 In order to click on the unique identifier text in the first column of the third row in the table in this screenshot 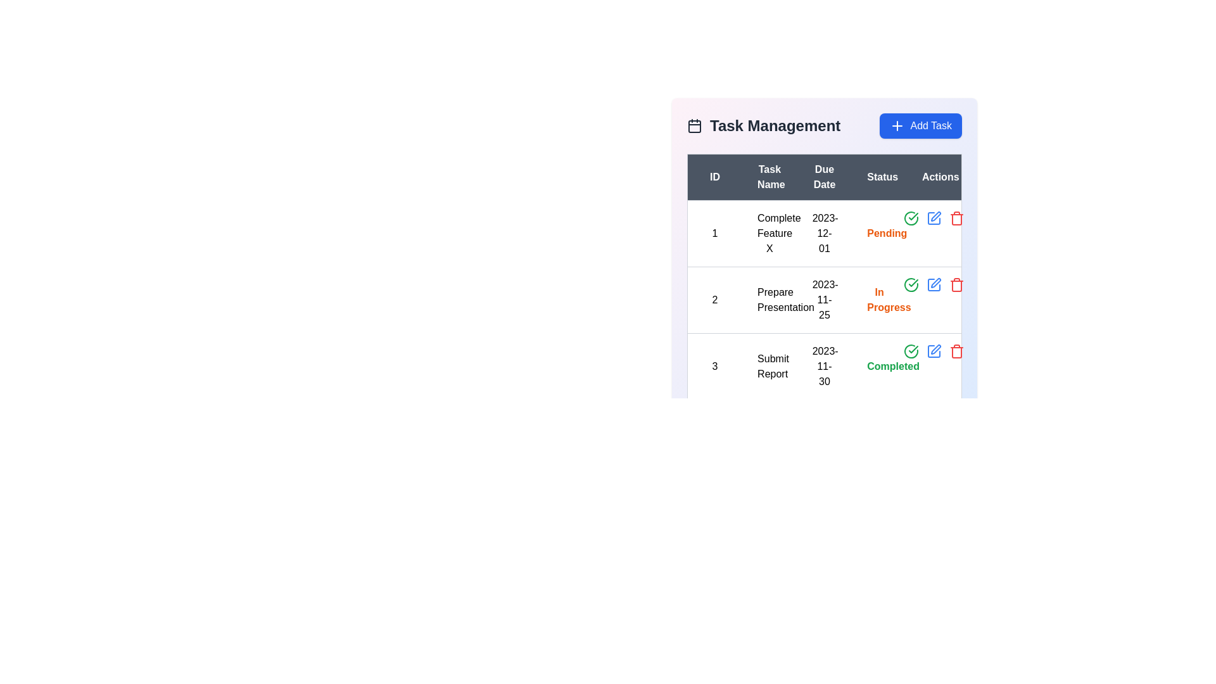, I will do `click(714, 366)`.